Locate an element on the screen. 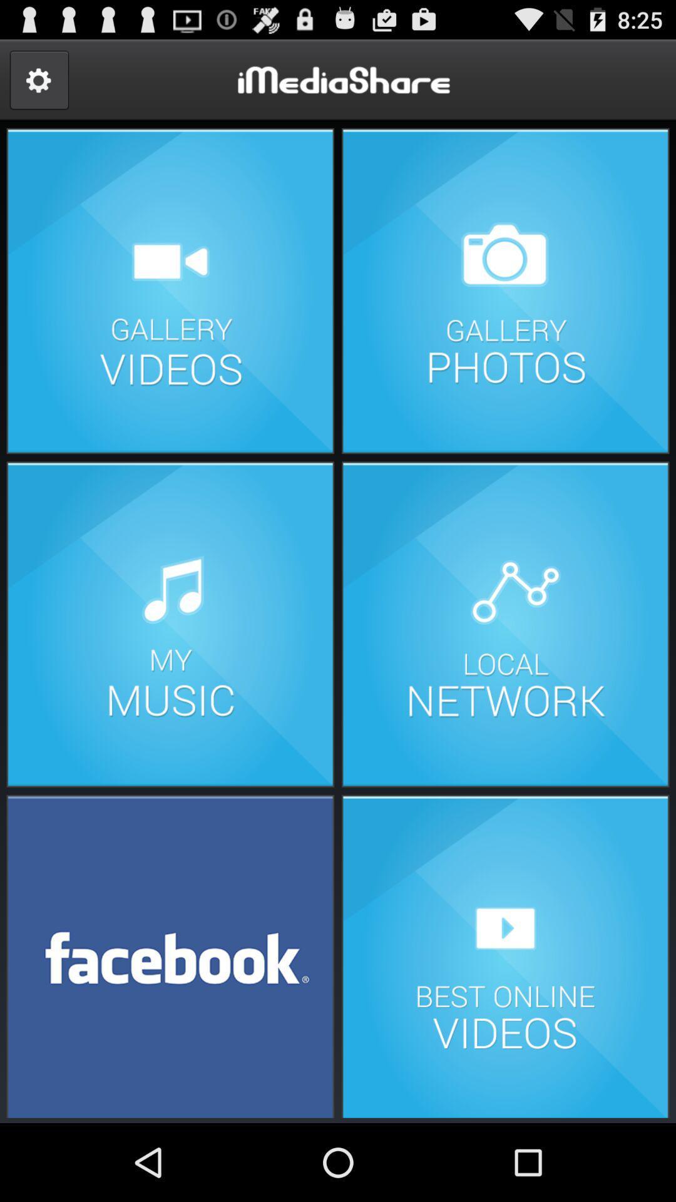 The image size is (676, 1202). photos is located at coordinates (504, 290).